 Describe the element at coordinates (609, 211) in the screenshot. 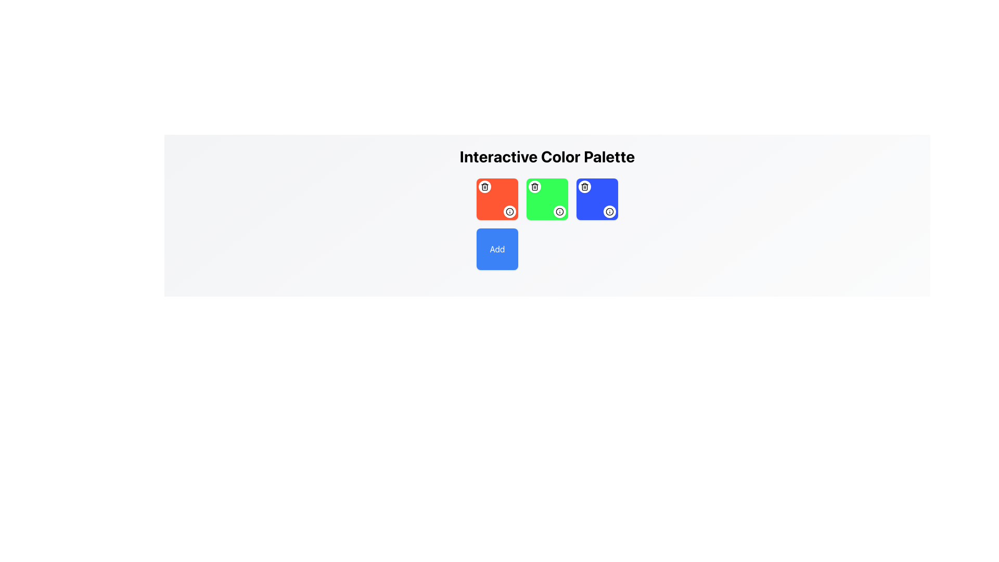

I see `the Circular Icon or Indicator with a black outline and white fill located at the upper-right corner of the blue square in the bottom-right section of the grid` at that location.